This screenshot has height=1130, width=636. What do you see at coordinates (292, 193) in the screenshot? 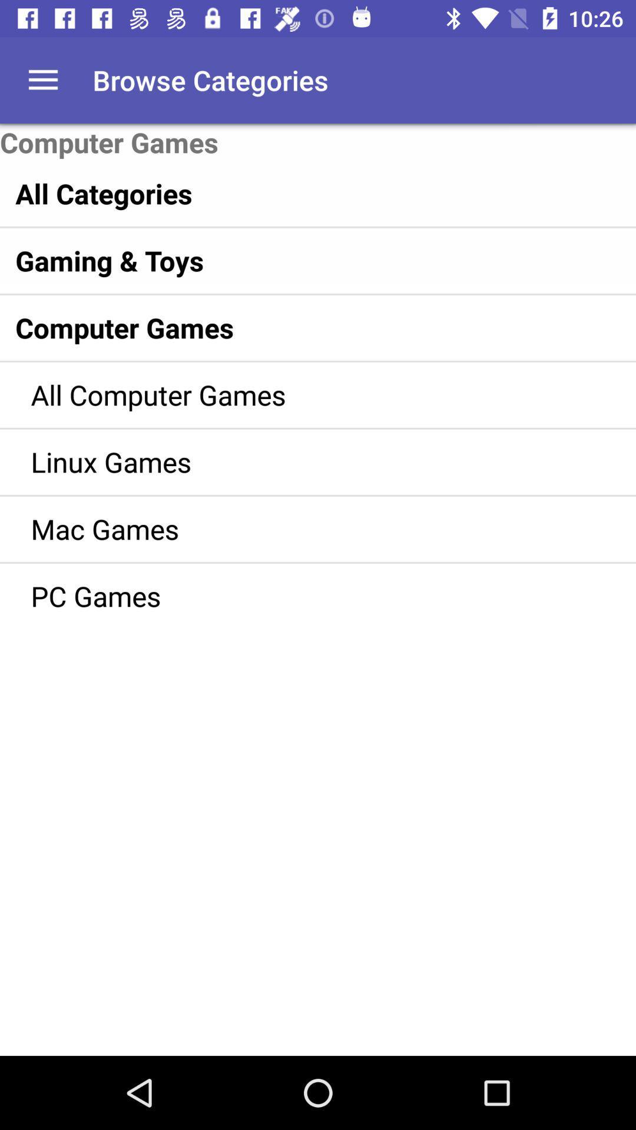
I see `item above gaming & toys` at bounding box center [292, 193].